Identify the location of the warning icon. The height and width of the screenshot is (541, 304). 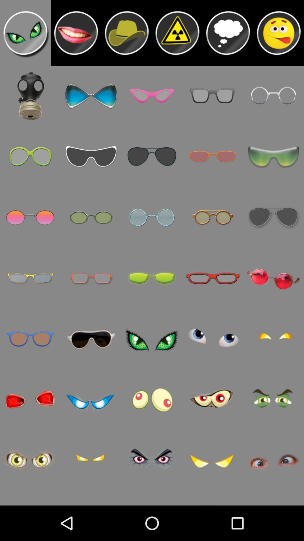
(177, 35).